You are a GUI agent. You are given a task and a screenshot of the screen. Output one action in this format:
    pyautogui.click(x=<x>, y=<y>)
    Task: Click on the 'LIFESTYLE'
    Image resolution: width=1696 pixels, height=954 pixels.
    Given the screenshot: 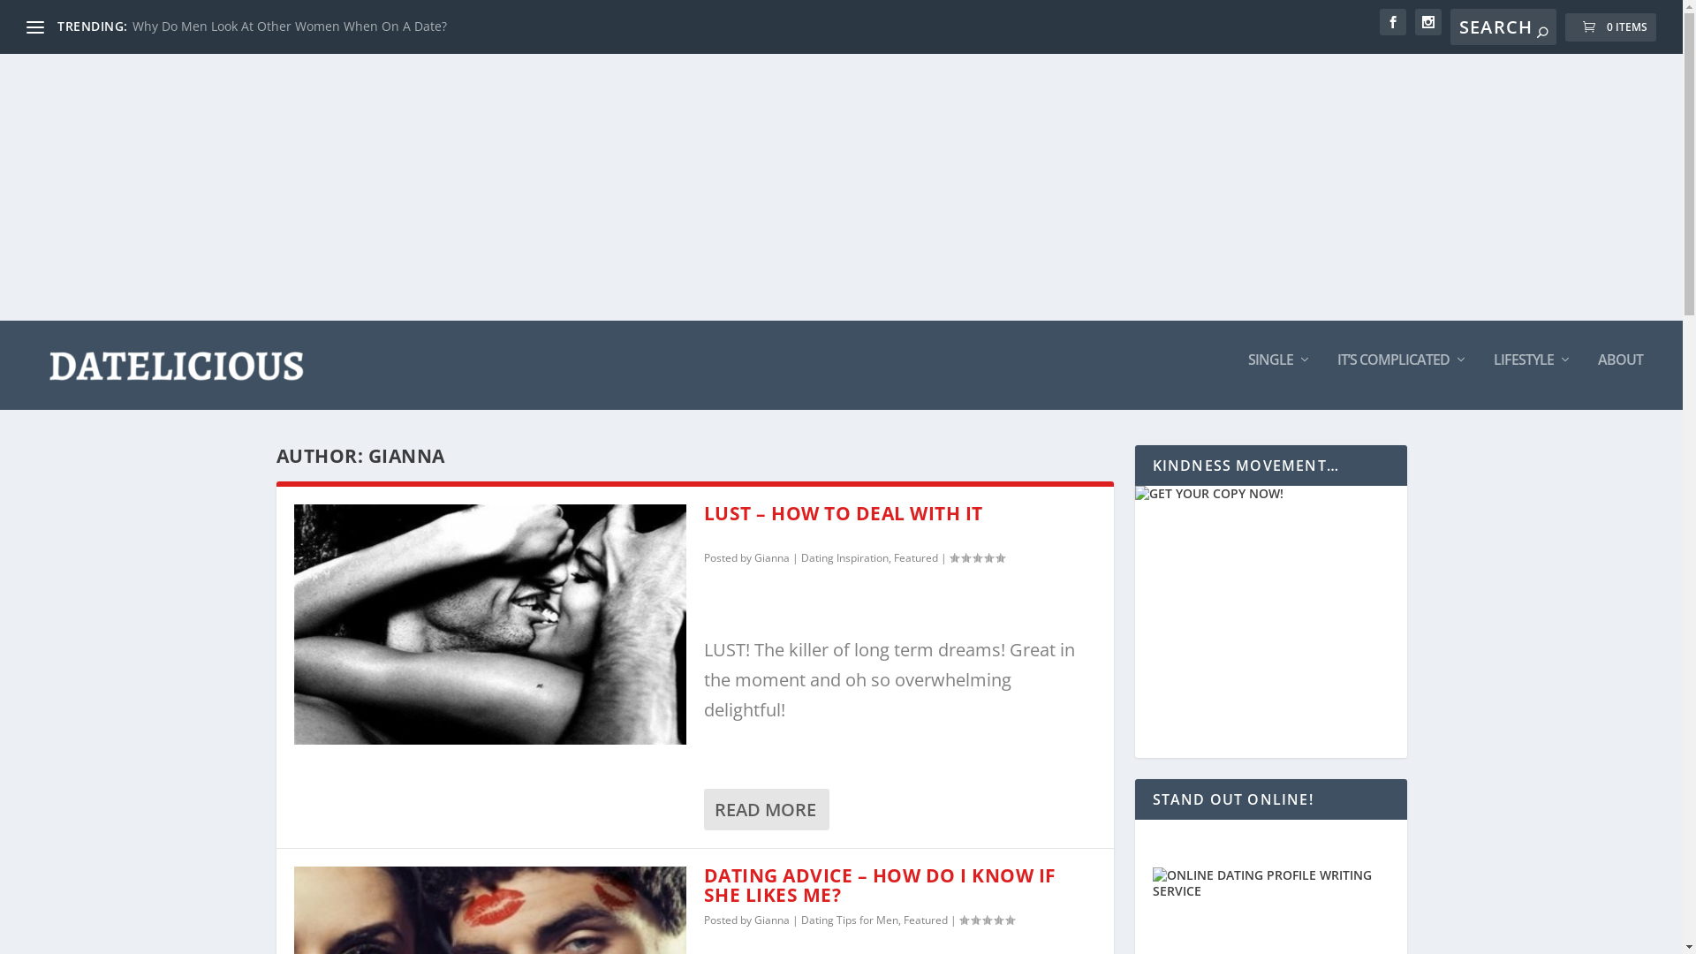 What is the action you would take?
    pyautogui.click(x=1492, y=380)
    